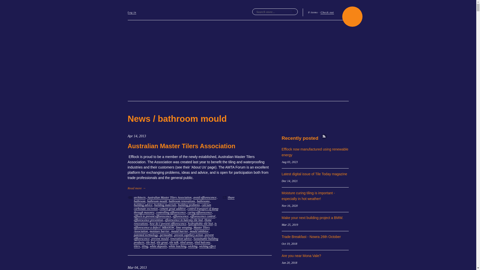  Describe the element at coordinates (183, 227) in the screenshot. I see `'lime weeping'` at that location.